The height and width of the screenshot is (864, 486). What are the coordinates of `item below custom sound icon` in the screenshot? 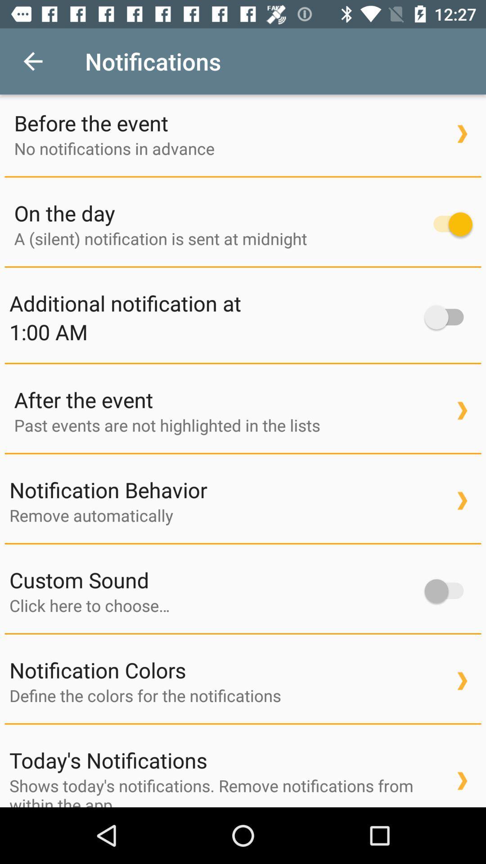 It's located at (212, 605).